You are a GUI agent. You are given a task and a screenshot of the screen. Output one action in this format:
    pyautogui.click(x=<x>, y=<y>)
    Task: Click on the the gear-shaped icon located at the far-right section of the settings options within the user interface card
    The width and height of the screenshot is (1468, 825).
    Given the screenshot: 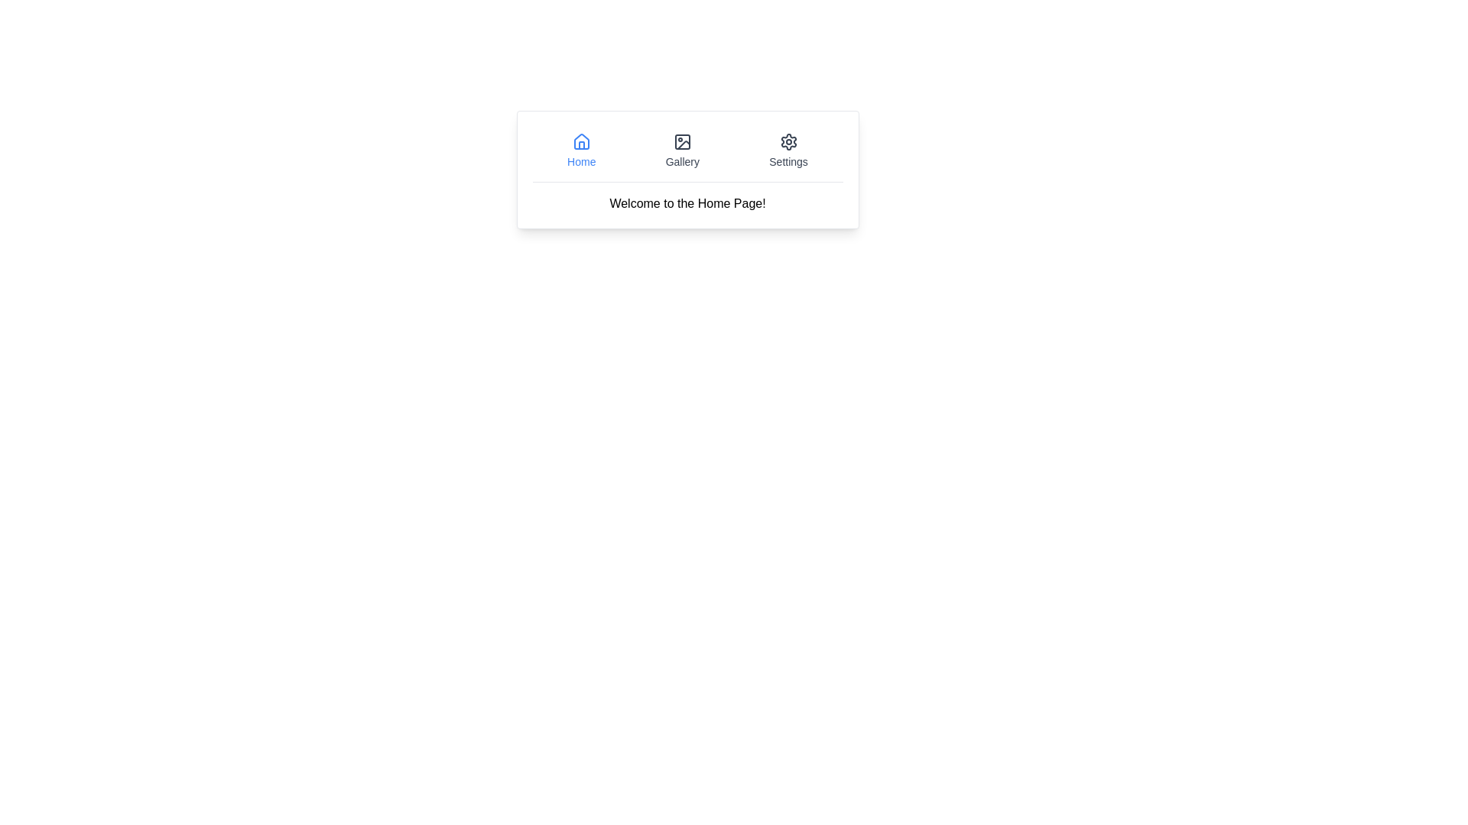 What is the action you would take?
    pyautogui.click(x=788, y=141)
    